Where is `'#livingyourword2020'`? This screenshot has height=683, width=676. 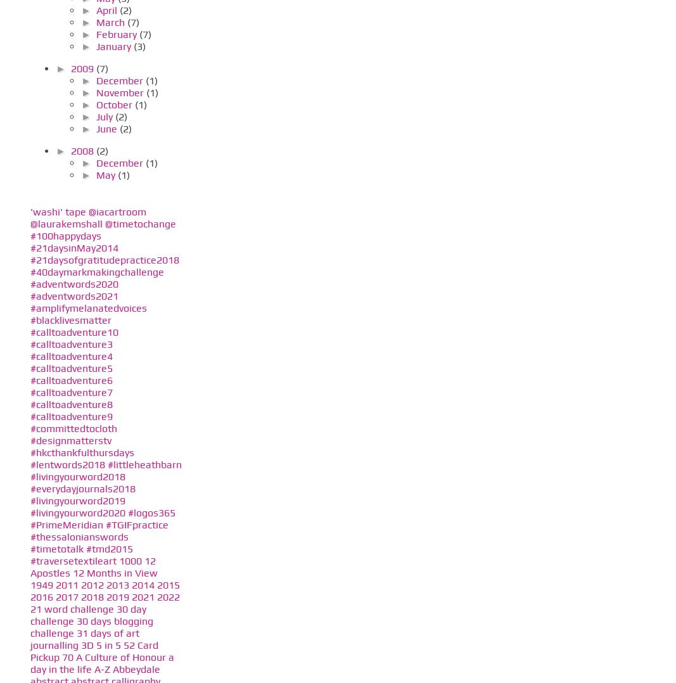
'#livingyourword2020' is located at coordinates (30, 512).